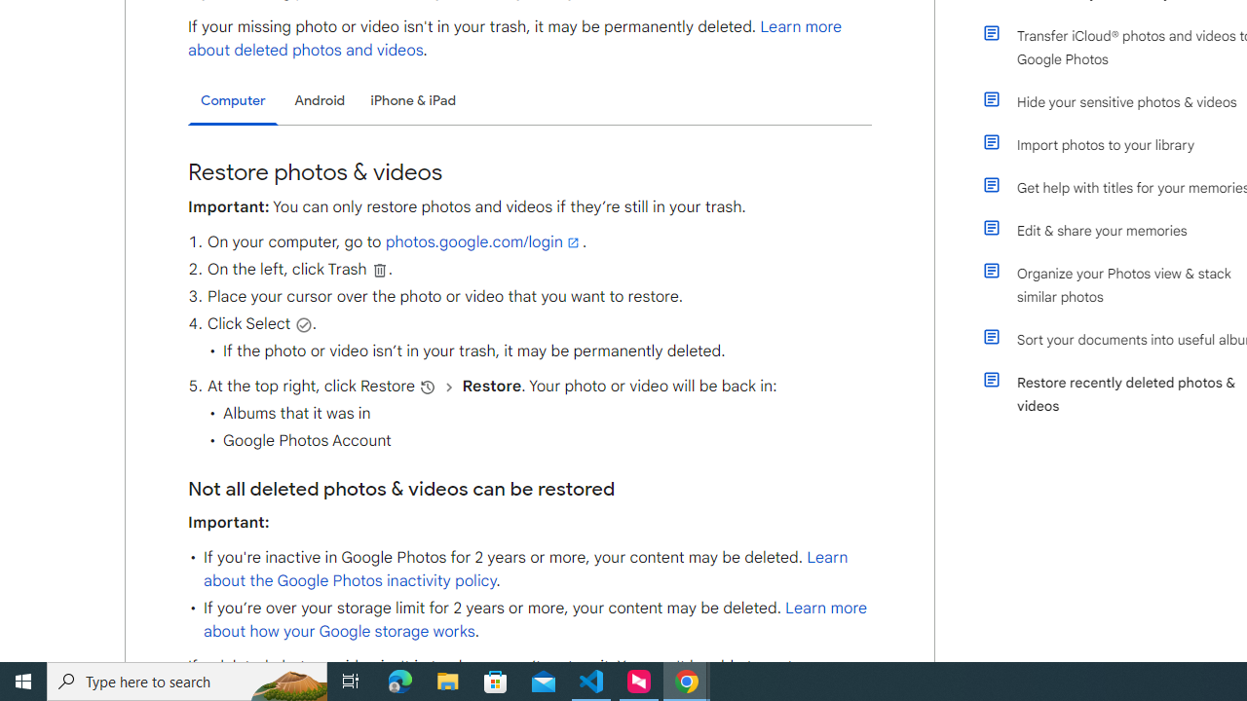  What do you see at coordinates (233, 101) in the screenshot?
I see `'Computer'` at bounding box center [233, 101].